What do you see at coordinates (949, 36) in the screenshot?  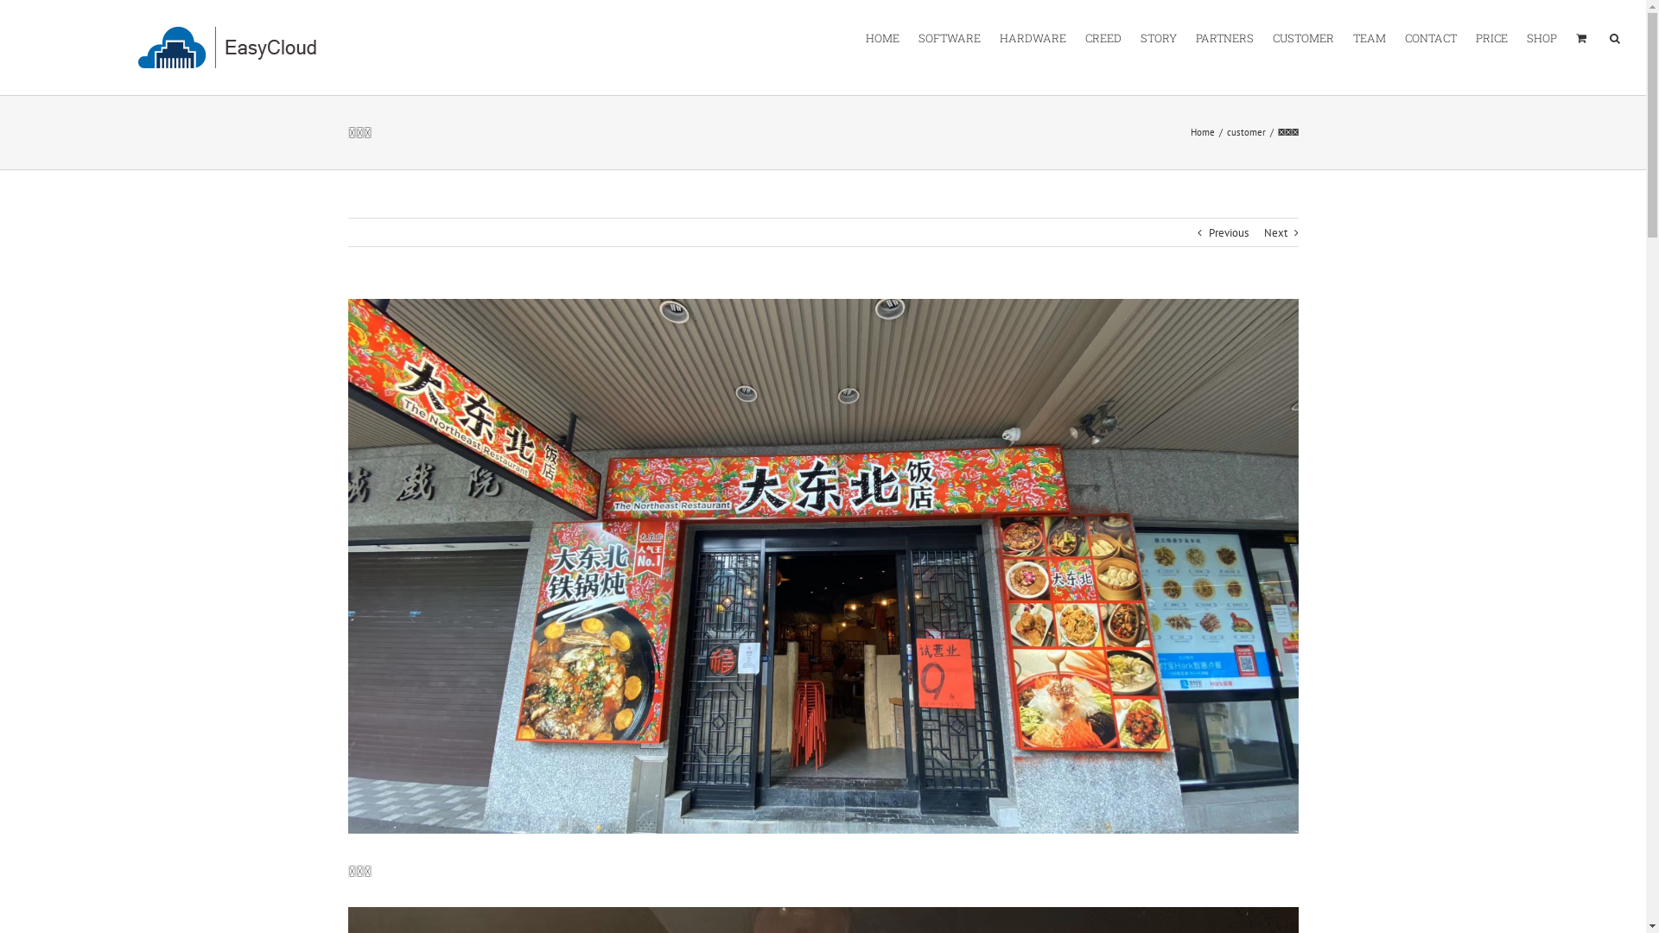 I see `'SOFTWARE'` at bounding box center [949, 36].